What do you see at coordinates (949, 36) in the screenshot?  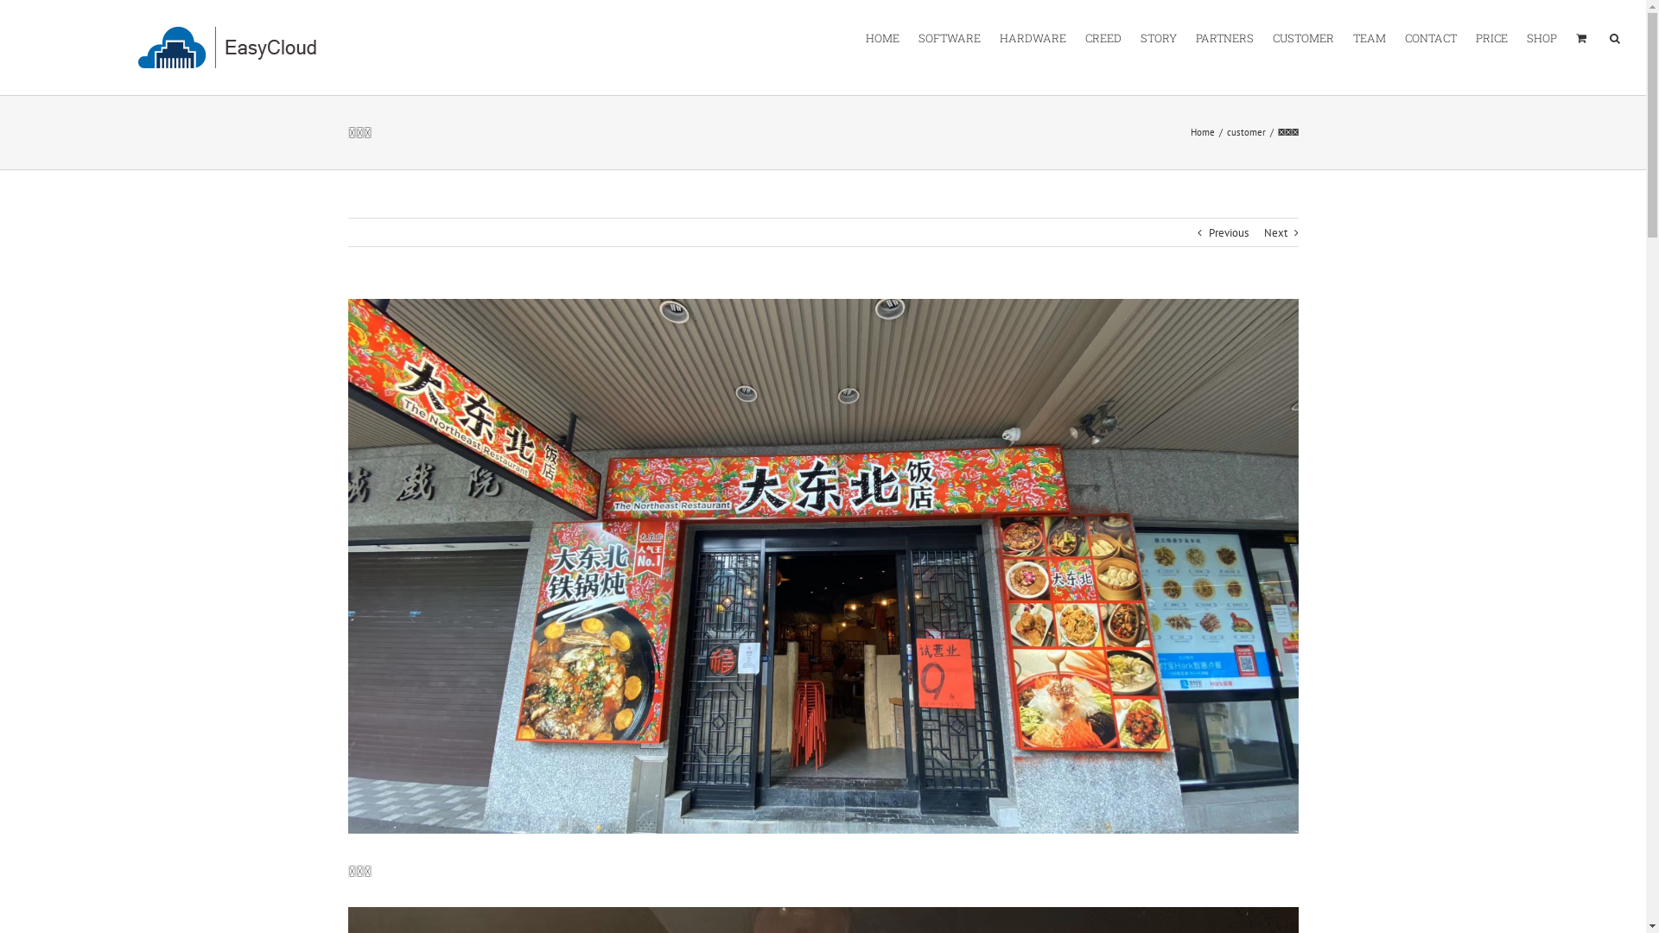 I see `'SOFTWARE'` at bounding box center [949, 36].